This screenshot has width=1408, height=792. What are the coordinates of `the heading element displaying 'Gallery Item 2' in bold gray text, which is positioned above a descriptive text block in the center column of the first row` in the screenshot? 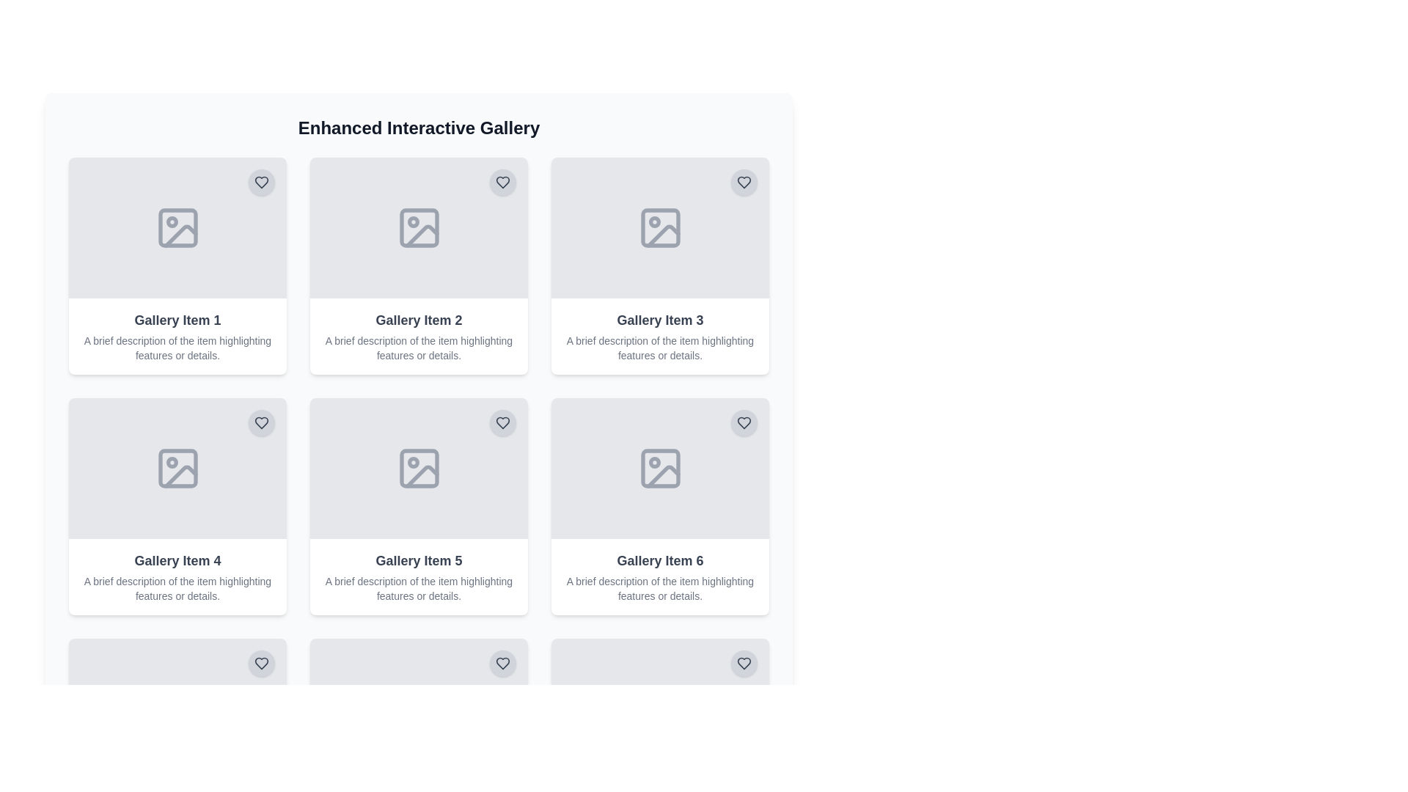 It's located at (418, 319).